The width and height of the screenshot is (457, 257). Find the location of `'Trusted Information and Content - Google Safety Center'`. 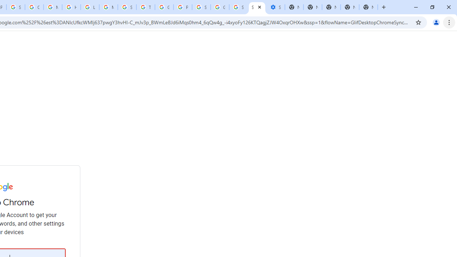

'Trusted Information and Content - Google Safety Center' is located at coordinates (145, 7).